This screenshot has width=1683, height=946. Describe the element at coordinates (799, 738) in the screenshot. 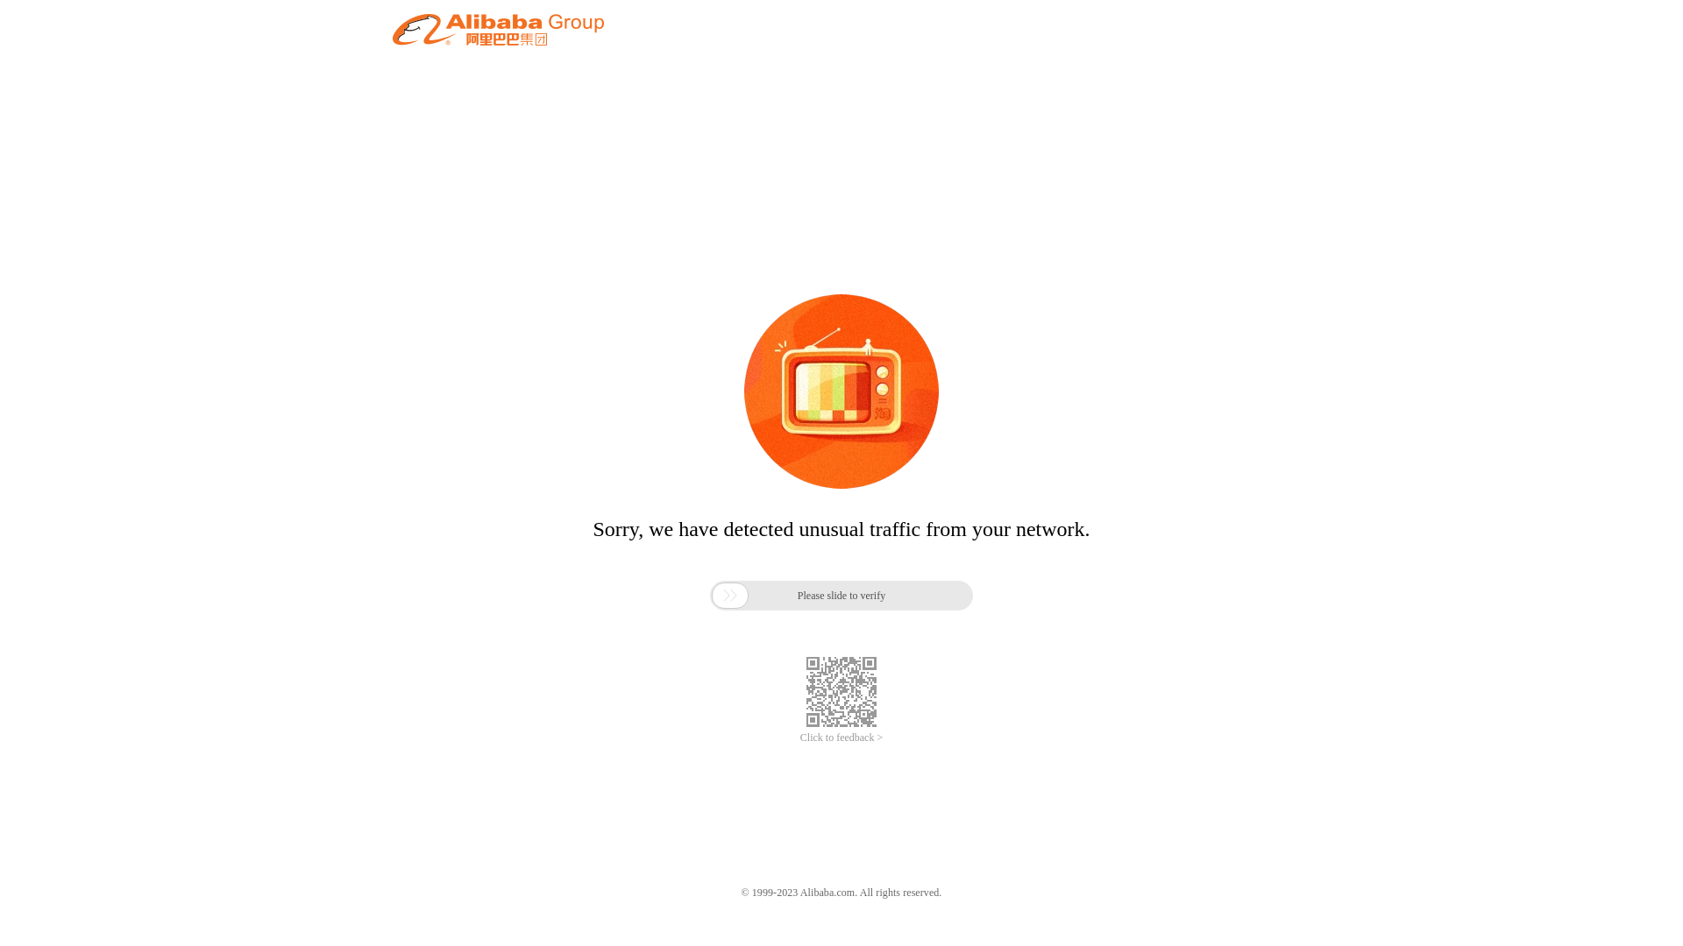

I see `'Click to feedback >'` at that location.